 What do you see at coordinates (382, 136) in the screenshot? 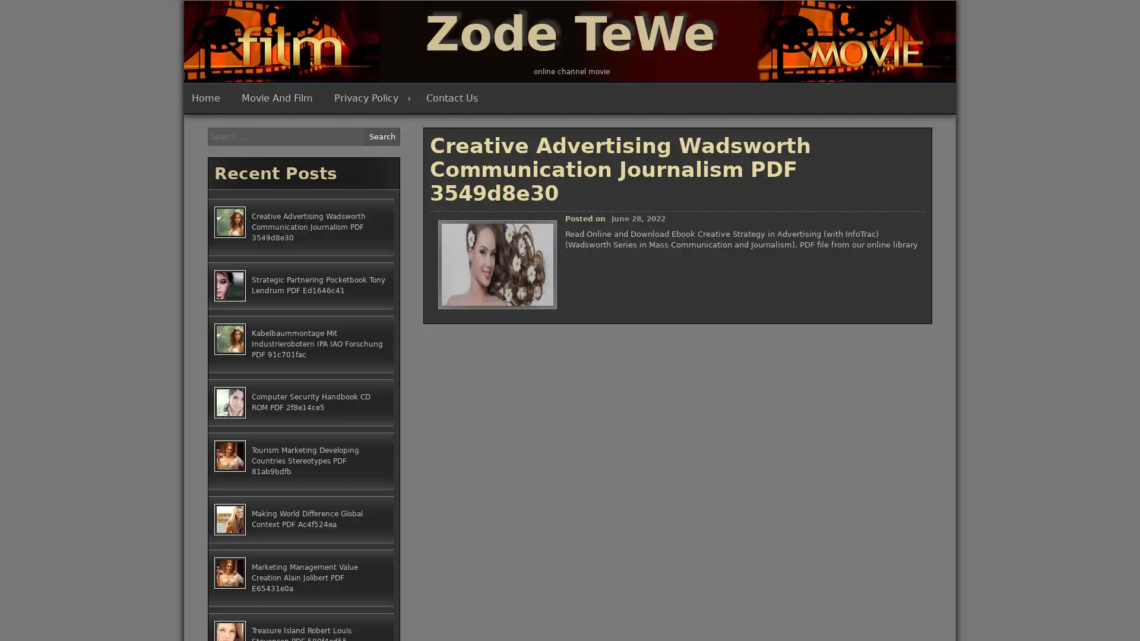
I see `Search` at bounding box center [382, 136].